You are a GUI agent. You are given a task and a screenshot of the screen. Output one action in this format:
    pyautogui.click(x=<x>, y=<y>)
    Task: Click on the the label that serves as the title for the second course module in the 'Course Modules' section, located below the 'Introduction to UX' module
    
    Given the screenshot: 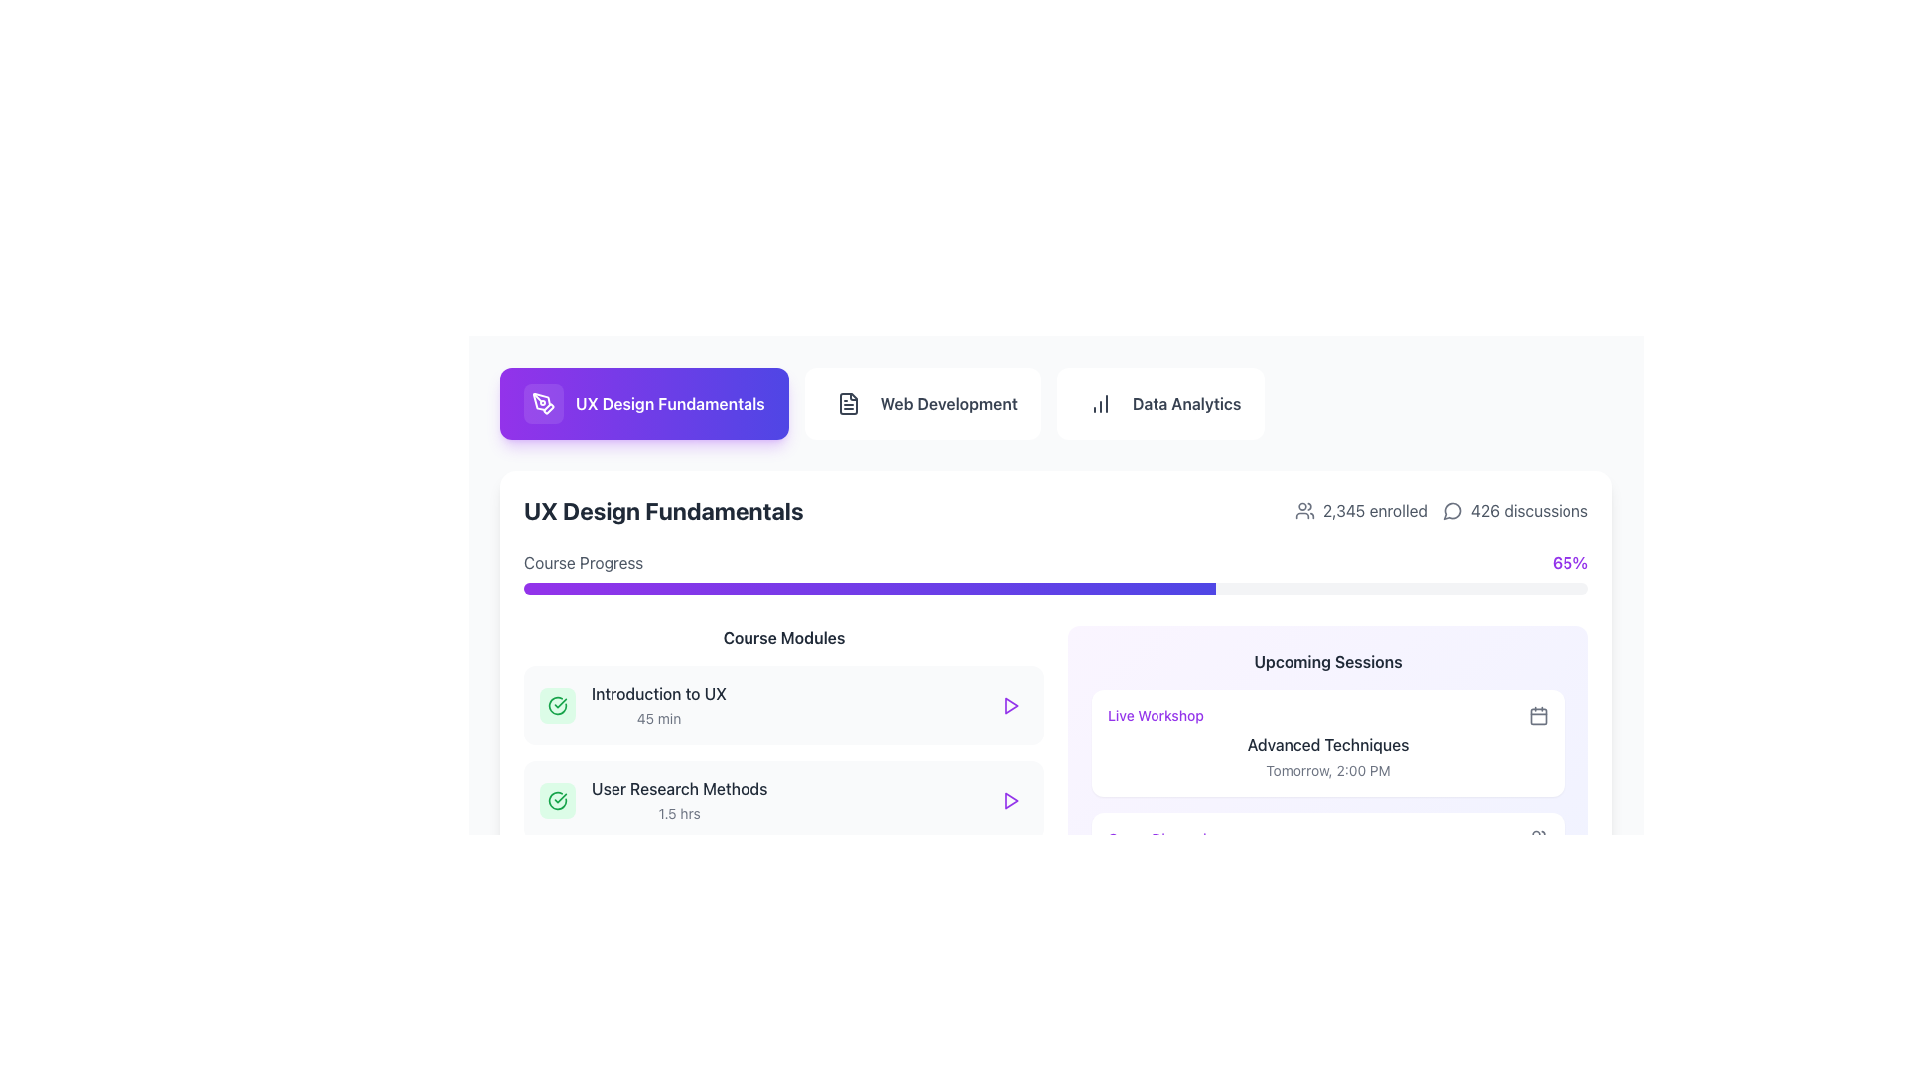 What is the action you would take?
    pyautogui.click(x=679, y=787)
    